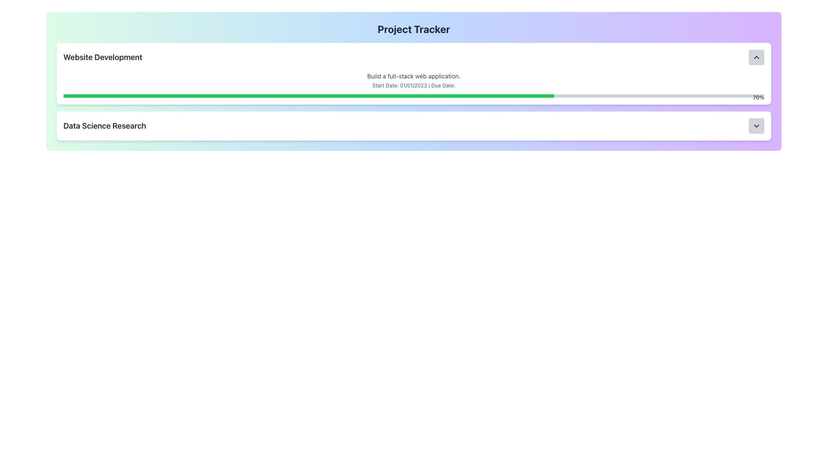 The image size is (823, 463). What do you see at coordinates (757, 126) in the screenshot?
I see `the button located in the bottom-right corner of the 'Data Science Research' section to trigger hover effects` at bounding box center [757, 126].